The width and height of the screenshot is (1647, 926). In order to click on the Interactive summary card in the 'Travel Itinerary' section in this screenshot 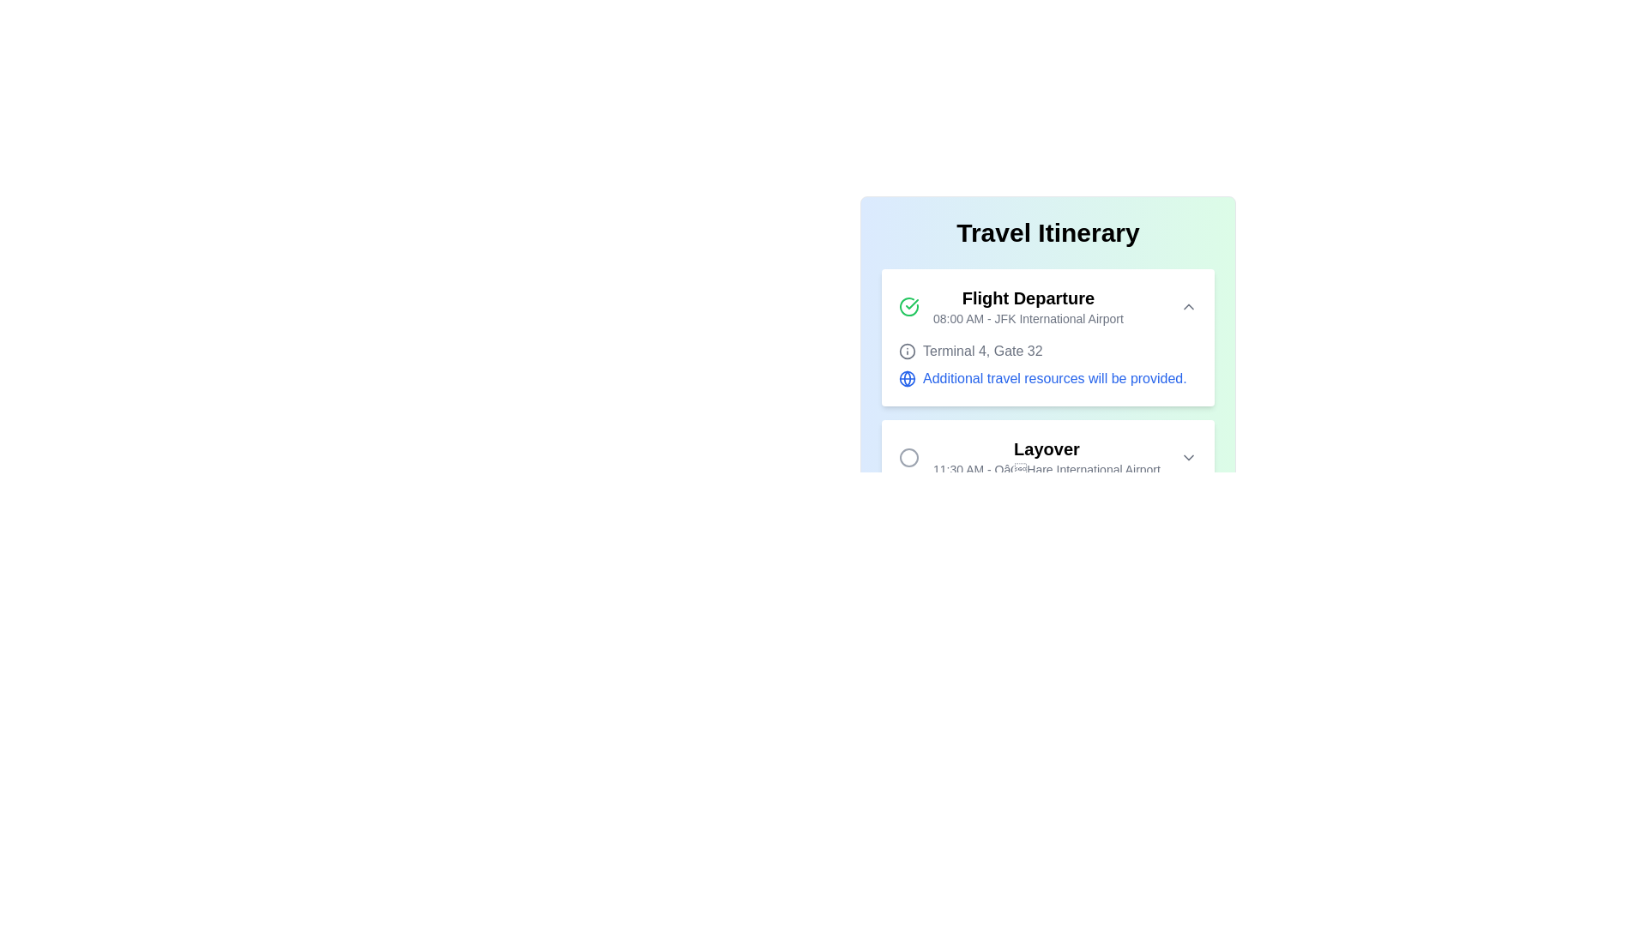, I will do `click(1047, 456)`.